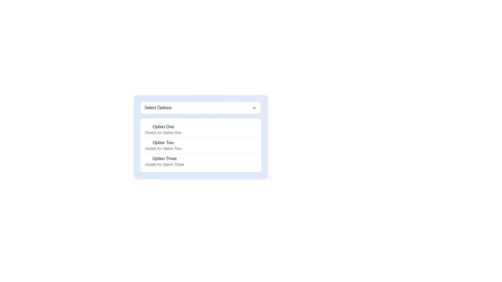  Describe the element at coordinates (163, 149) in the screenshot. I see `the textual label displaying 'Details for Option Two', which is styled with a smaller font size and gray color, located directly below 'Option Two' in the drop-down list` at that location.